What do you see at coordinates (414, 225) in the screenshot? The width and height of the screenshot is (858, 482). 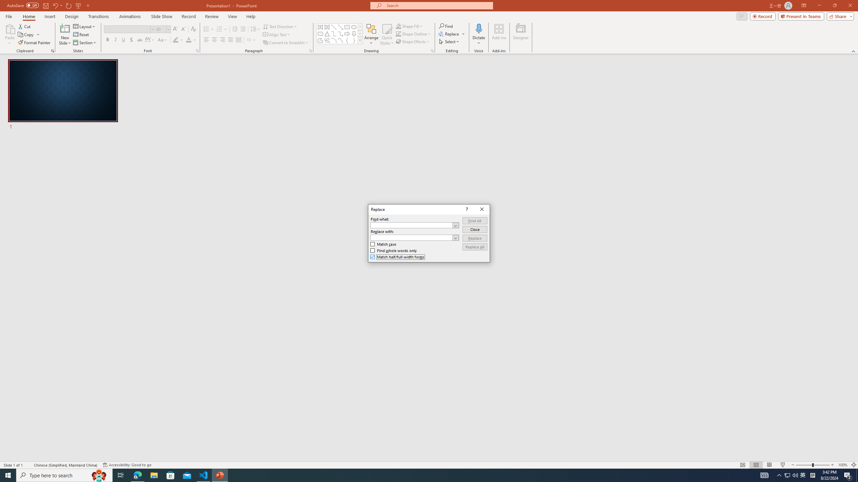 I see `'Find what'` at bounding box center [414, 225].